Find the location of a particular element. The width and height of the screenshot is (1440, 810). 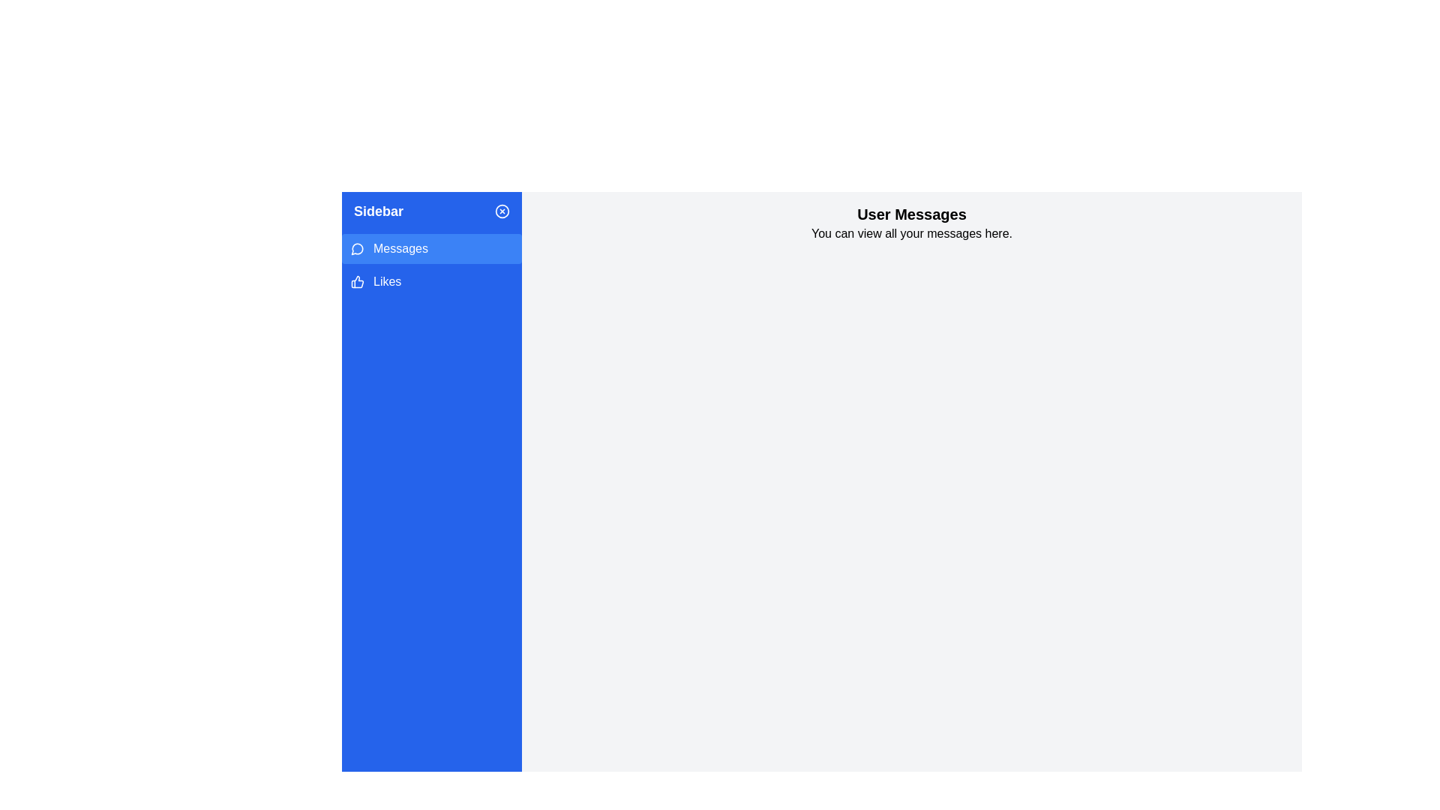

the thumbs-up hand gesture icon in the sidebar menu, which precedes the text 'Likes' is located at coordinates (356, 281).